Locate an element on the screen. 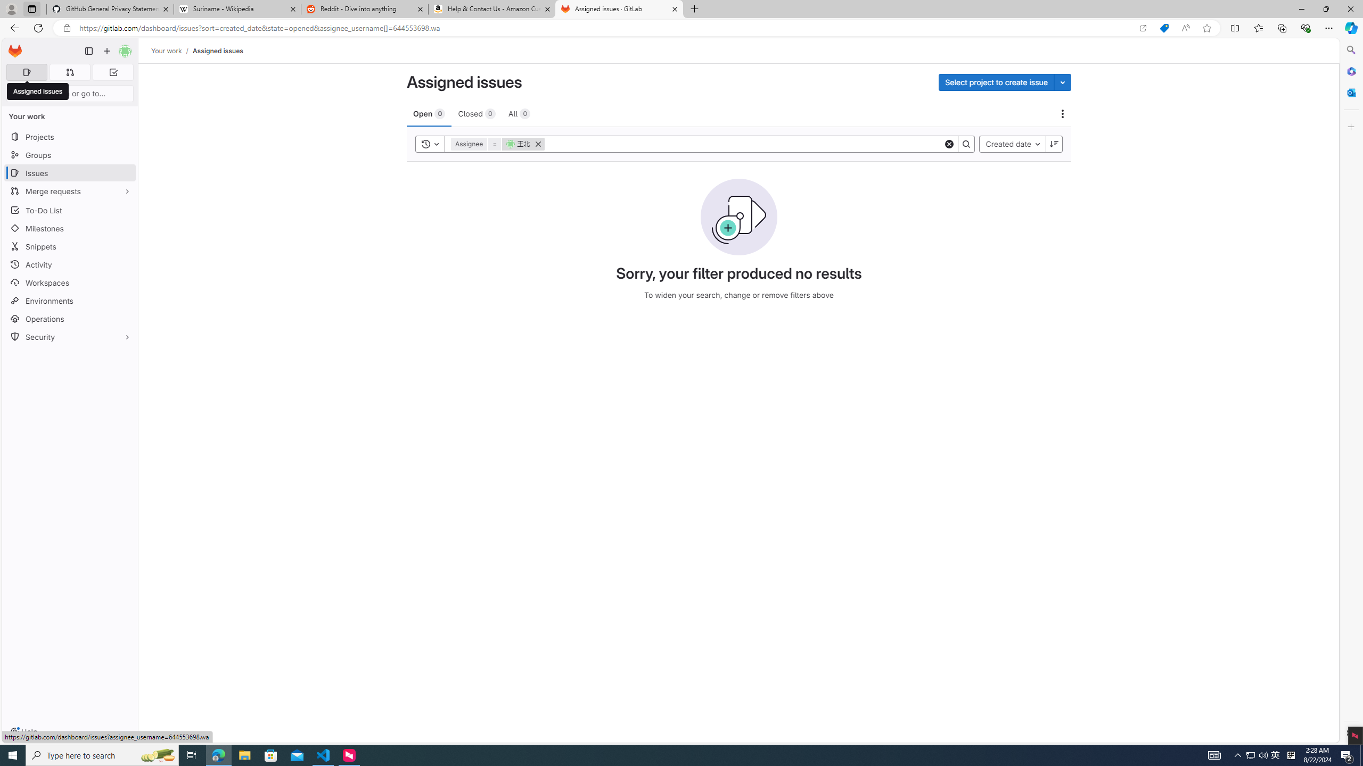 The width and height of the screenshot is (1363, 766). 'Open 0' is located at coordinates (429, 113).